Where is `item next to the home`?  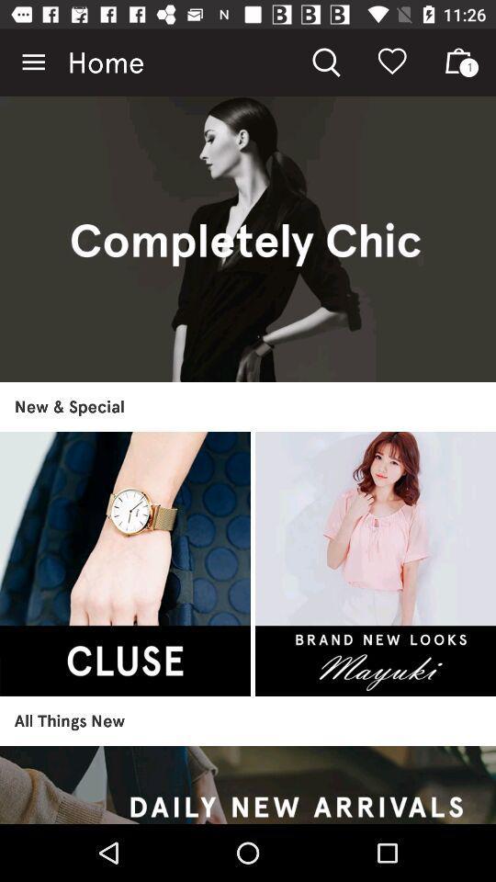 item next to the home is located at coordinates (33, 62).